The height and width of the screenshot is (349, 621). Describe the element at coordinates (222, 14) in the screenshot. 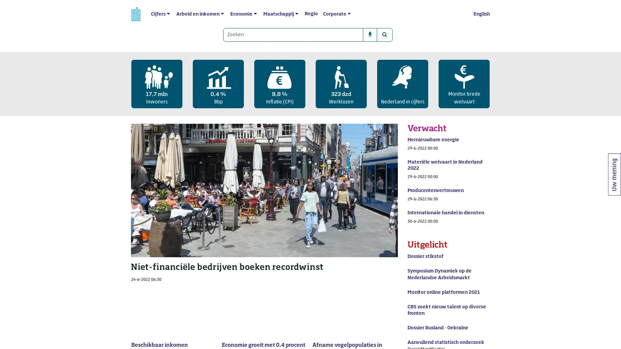

I see `submenu Arbeid en inkomen` at that location.